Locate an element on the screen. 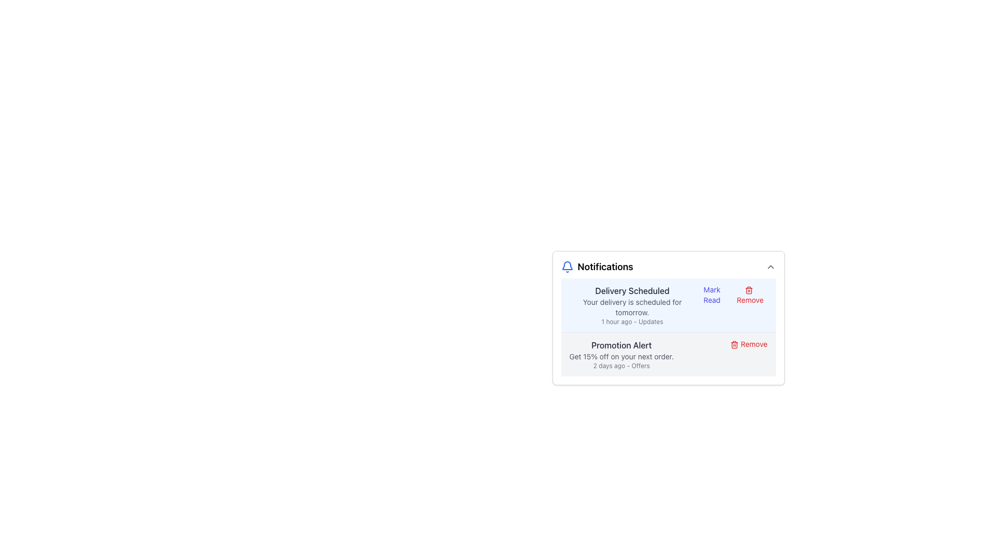 The width and height of the screenshot is (996, 560). the decorative bell icon representing notifications located to the left of the 'Notifications' title in the notifications panel is located at coordinates (566, 265).